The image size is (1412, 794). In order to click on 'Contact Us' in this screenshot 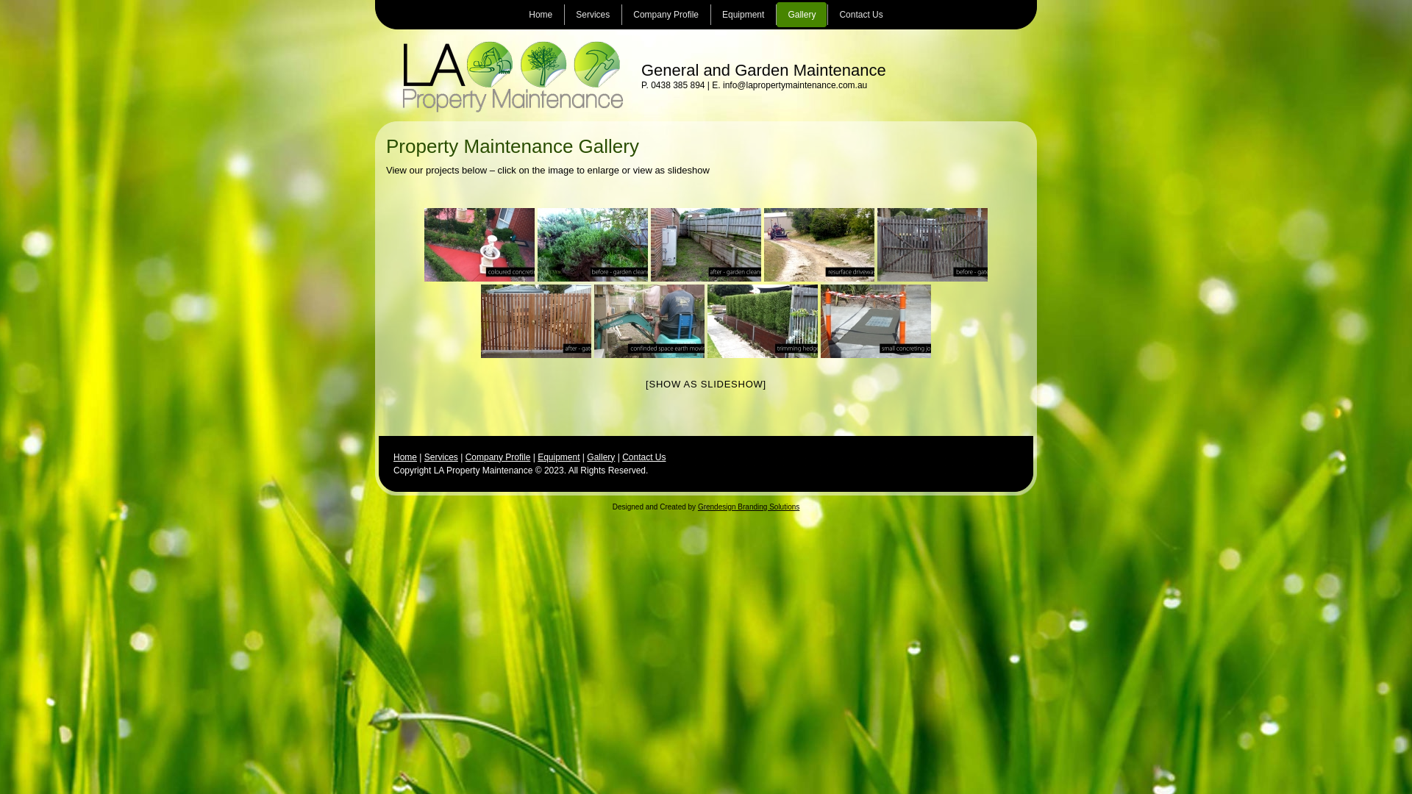, I will do `click(621, 456)`.